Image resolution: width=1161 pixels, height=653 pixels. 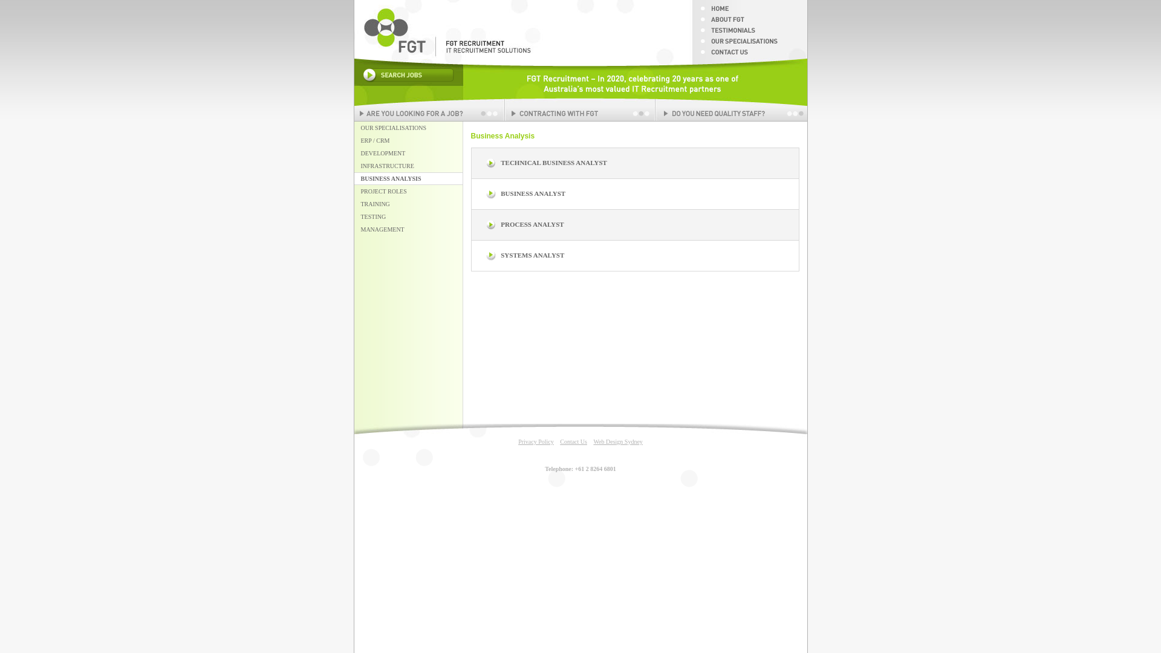 What do you see at coordinates (409, 216) in the screenshot?
I see `'TESTING'` at bounding box center [409, 216].